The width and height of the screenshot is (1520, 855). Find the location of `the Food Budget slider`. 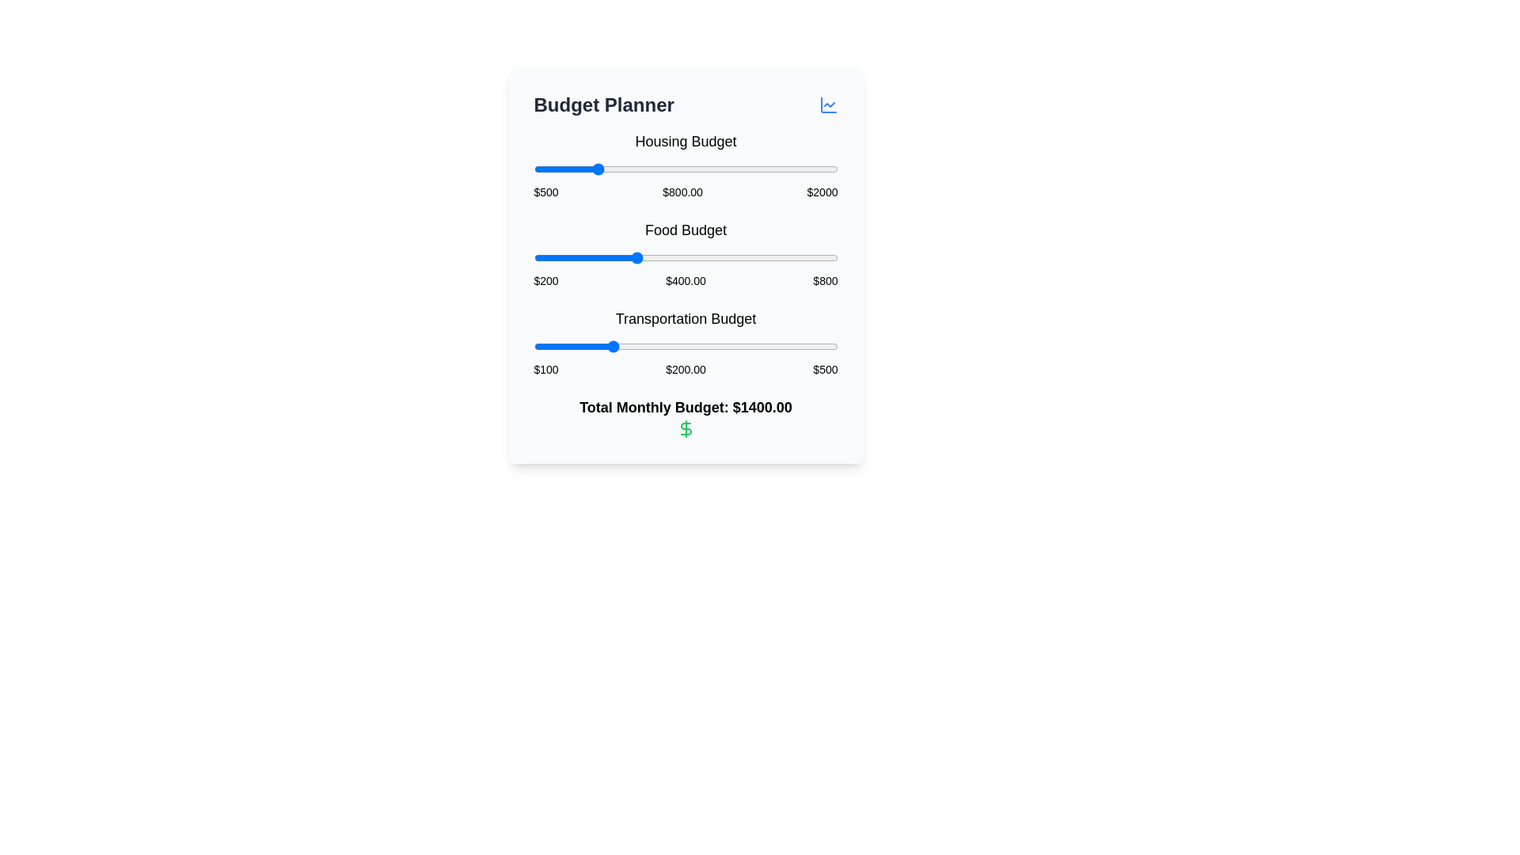

the Food Budget slider is located at coordinates (778, 257).